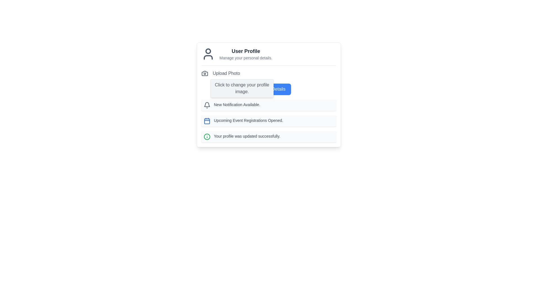 The image size is (541, 304). I want to click on the calendar icon, which is a minimalistic blue icon located in the notification section preceding the text 'Upcoming Event Registrations Opened.', so click(207, 120).